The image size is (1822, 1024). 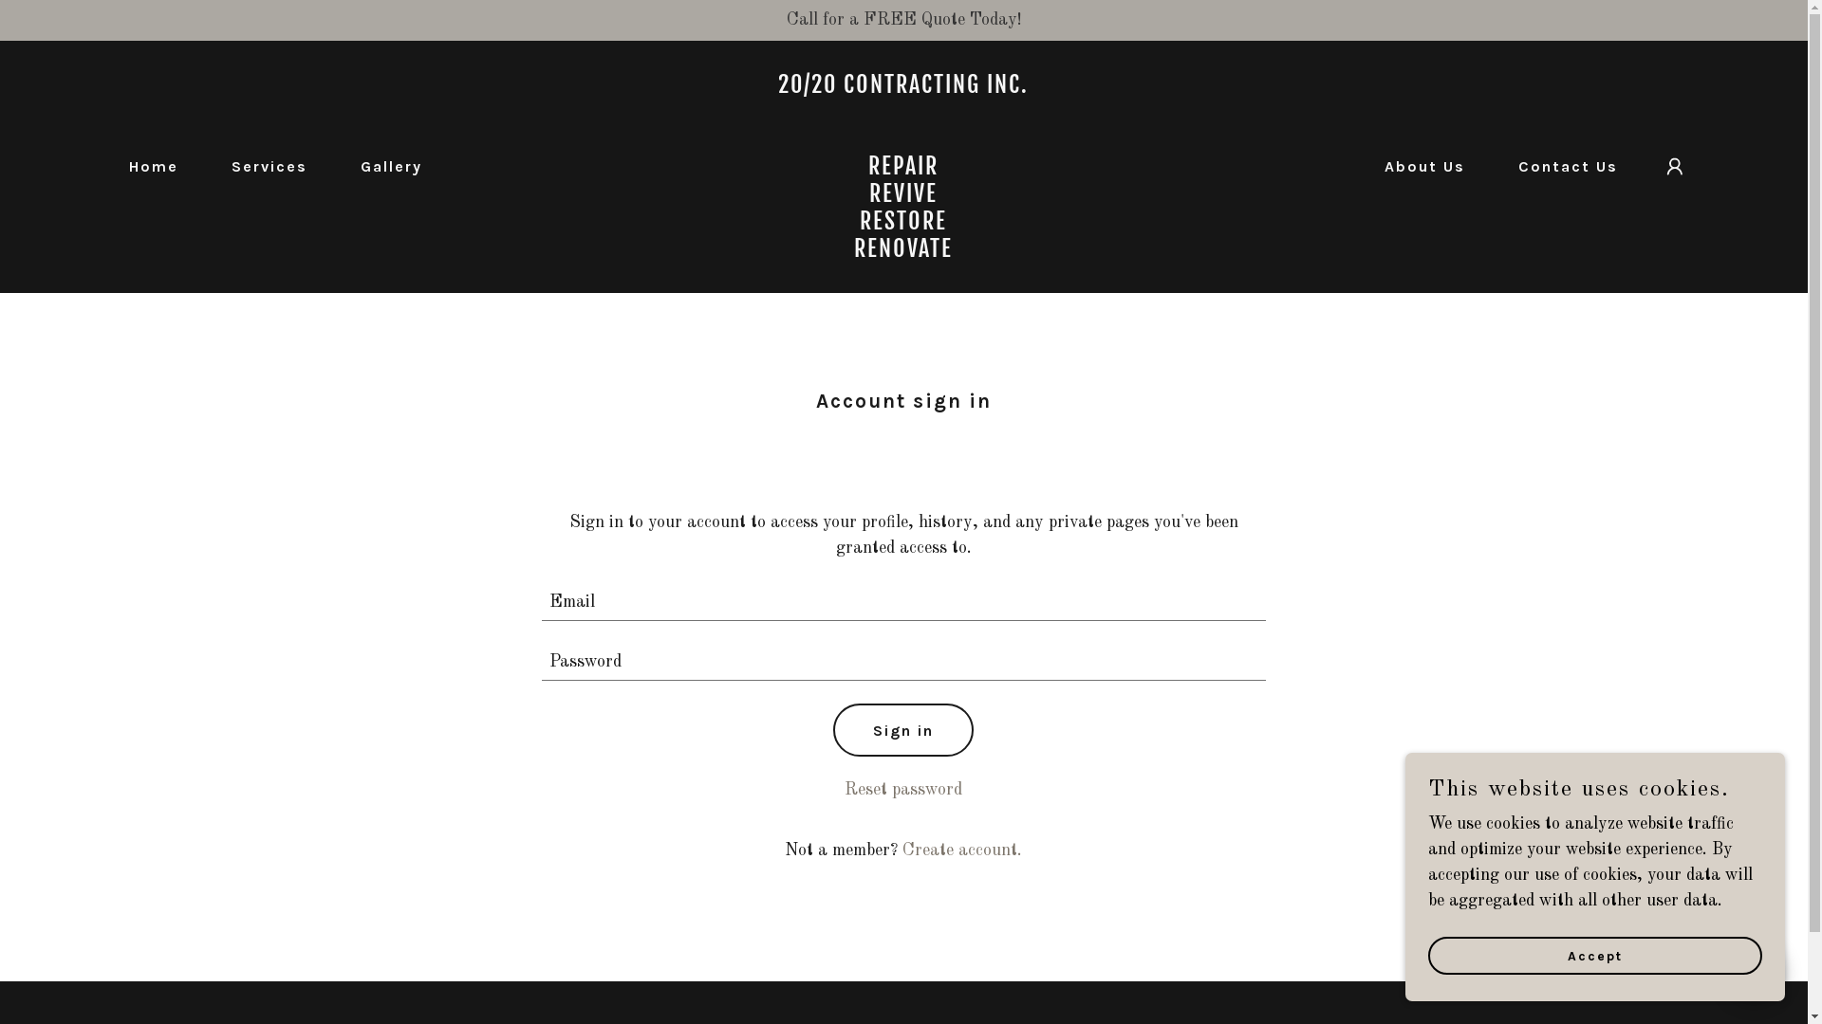 What do you see at coordinates (1560, 166) in the screenshot?
I see `'Contact Us'` at bounding box center [1560, 166].